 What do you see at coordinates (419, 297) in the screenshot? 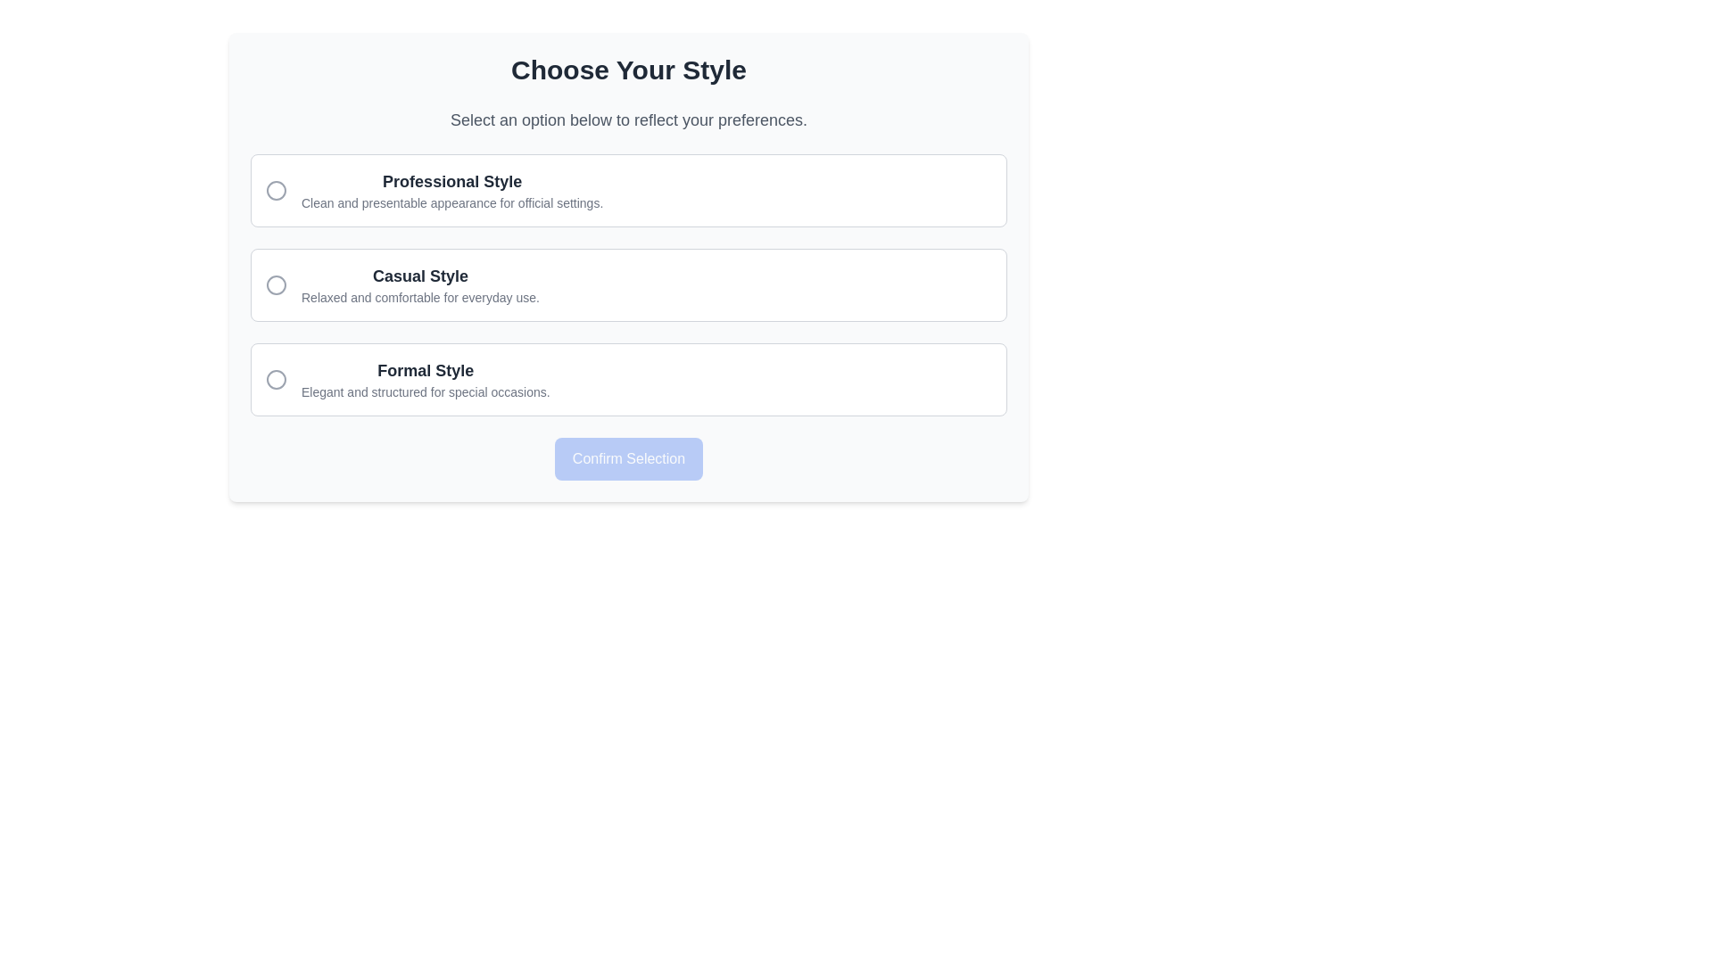
I see `the Text Label that provides additional details about the 'Casual Style' option located directly beneath the primary heading in the layout` at bounding box center [419, 297].